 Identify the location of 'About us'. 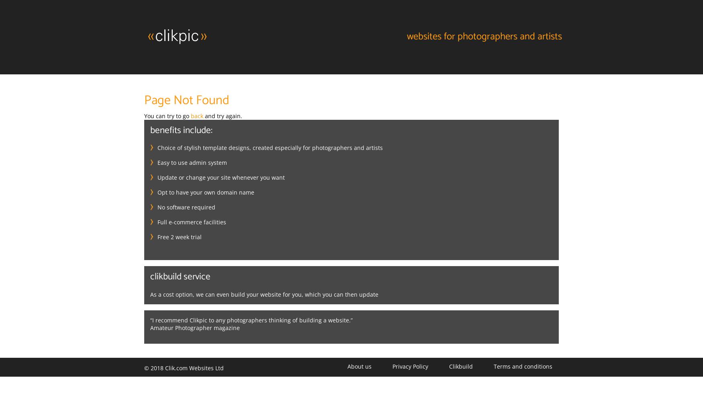
(359, 366).